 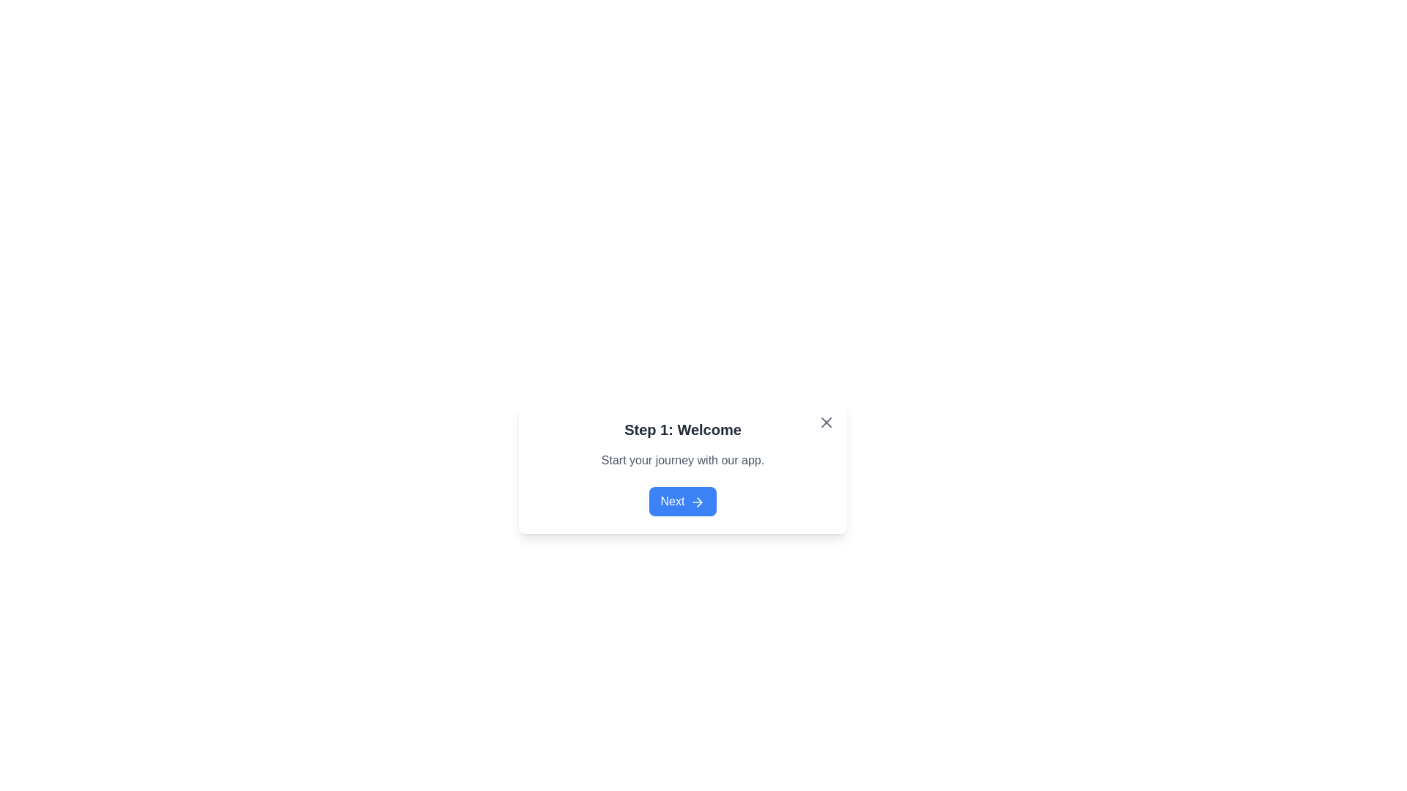 I want to click on the close button represented by an 'X' in the upper-right corner of the modal dialog box to change its color, so click(x=827, y=423).